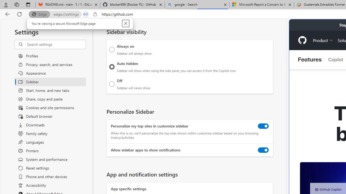 The image size is (346, 194). Describe the element at coordinates (112, 49) in the screenshot. I see `'Always on Sidebar will always show'` at that location.